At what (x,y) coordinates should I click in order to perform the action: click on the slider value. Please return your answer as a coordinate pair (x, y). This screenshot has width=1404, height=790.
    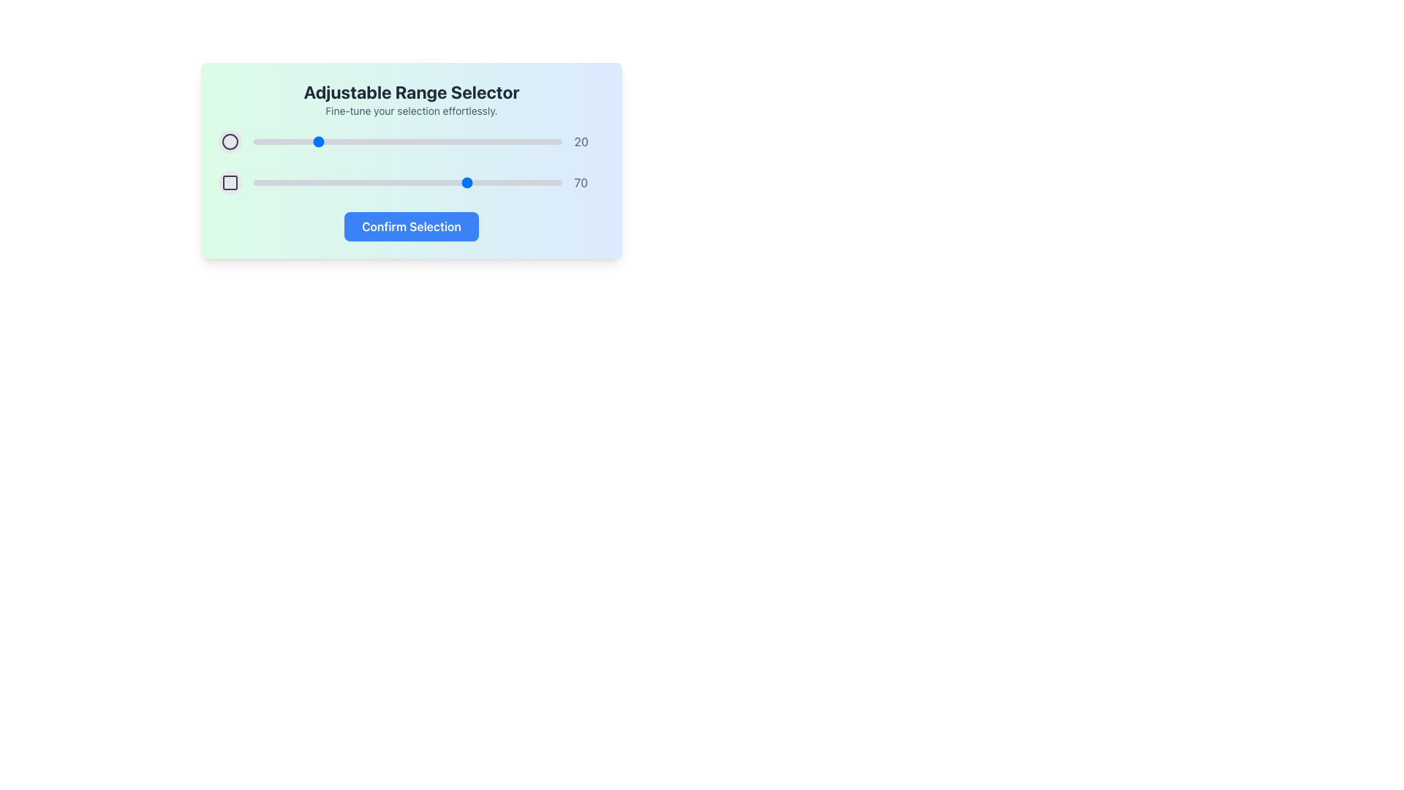
    Looking at the image, I should click on (429, 182).